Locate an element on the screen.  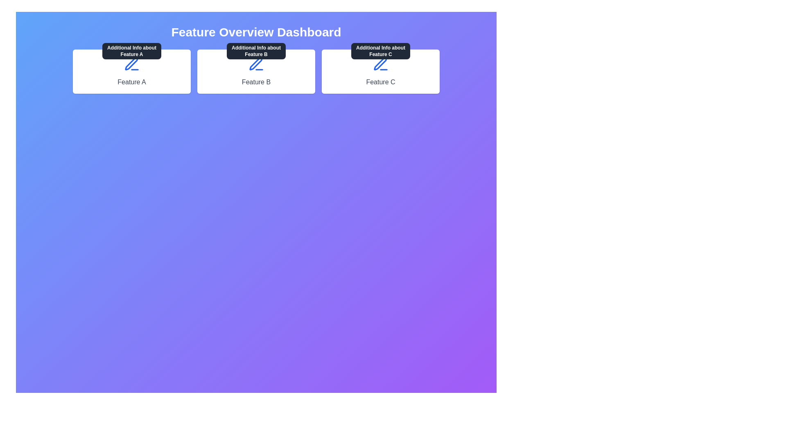
text from the centered text label that displays 'Feature B', which is styled in gray and located below an icon and badge within the central card is located at coordinates (255, 82).